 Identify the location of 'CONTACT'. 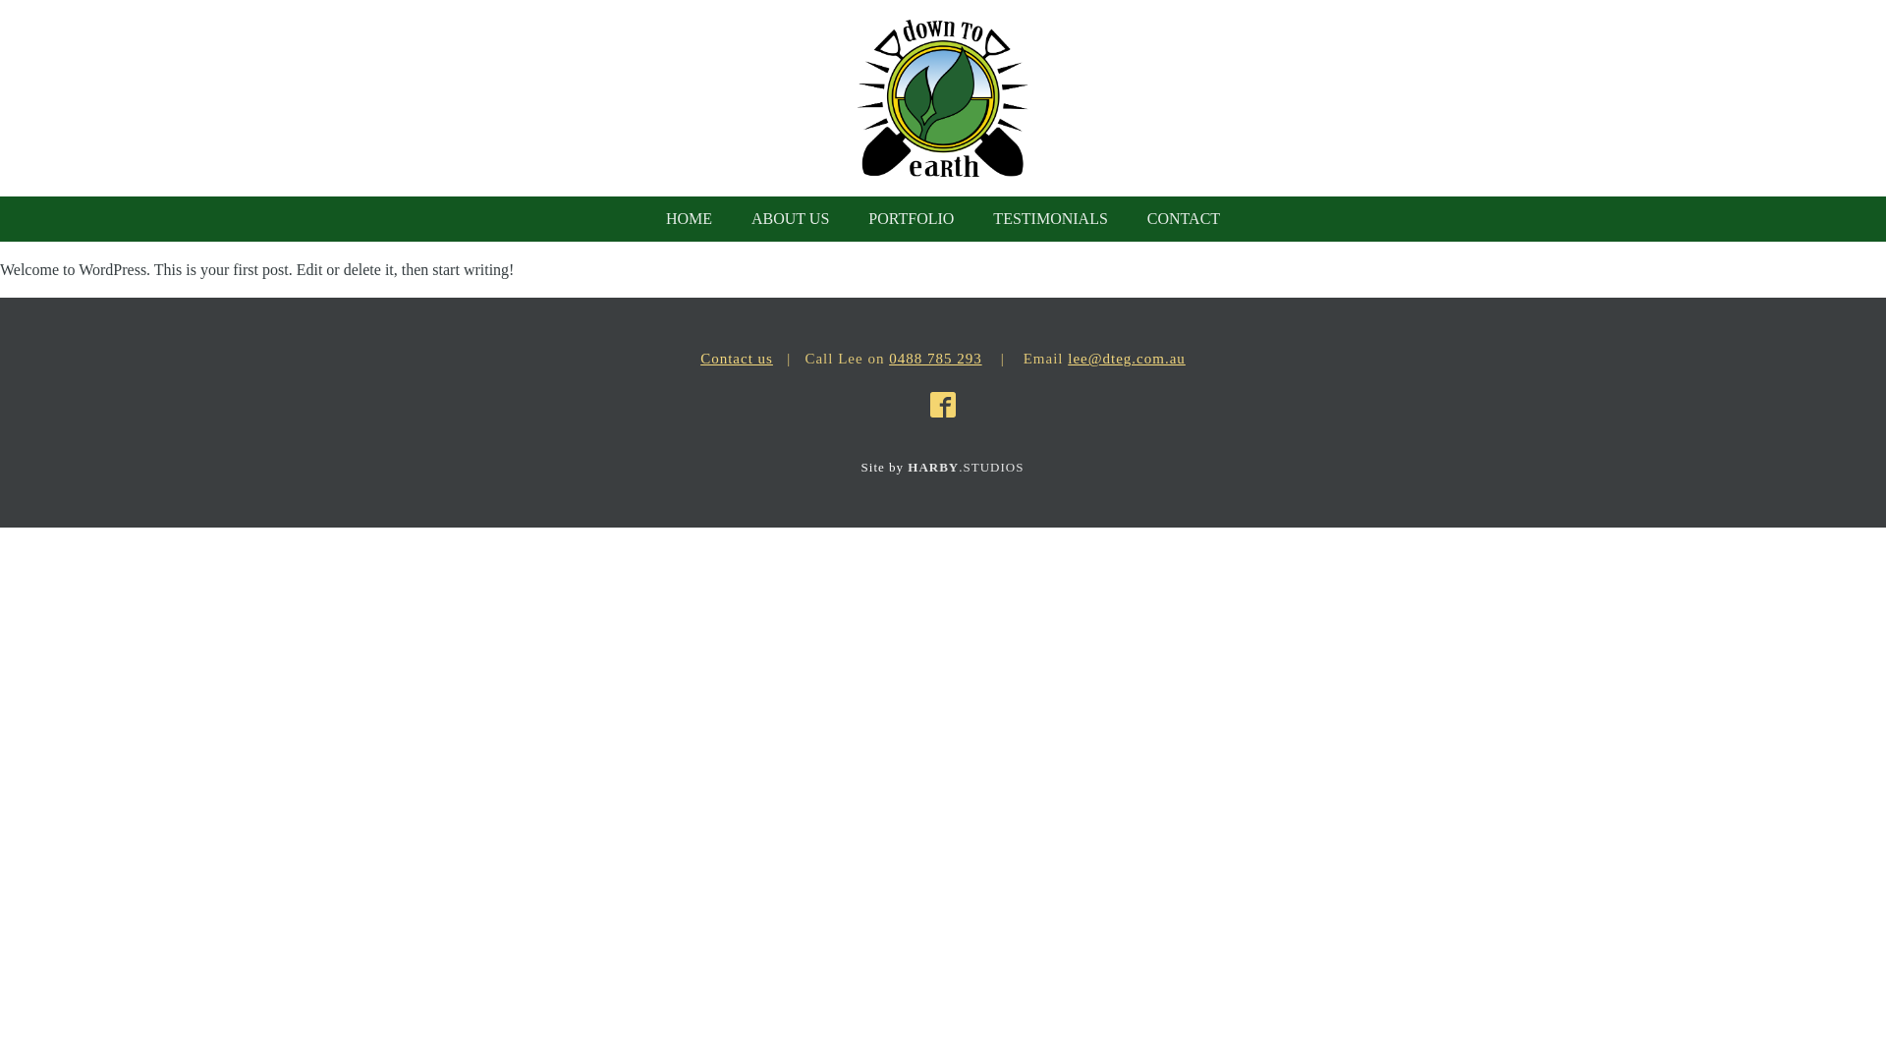
(1182, 219).